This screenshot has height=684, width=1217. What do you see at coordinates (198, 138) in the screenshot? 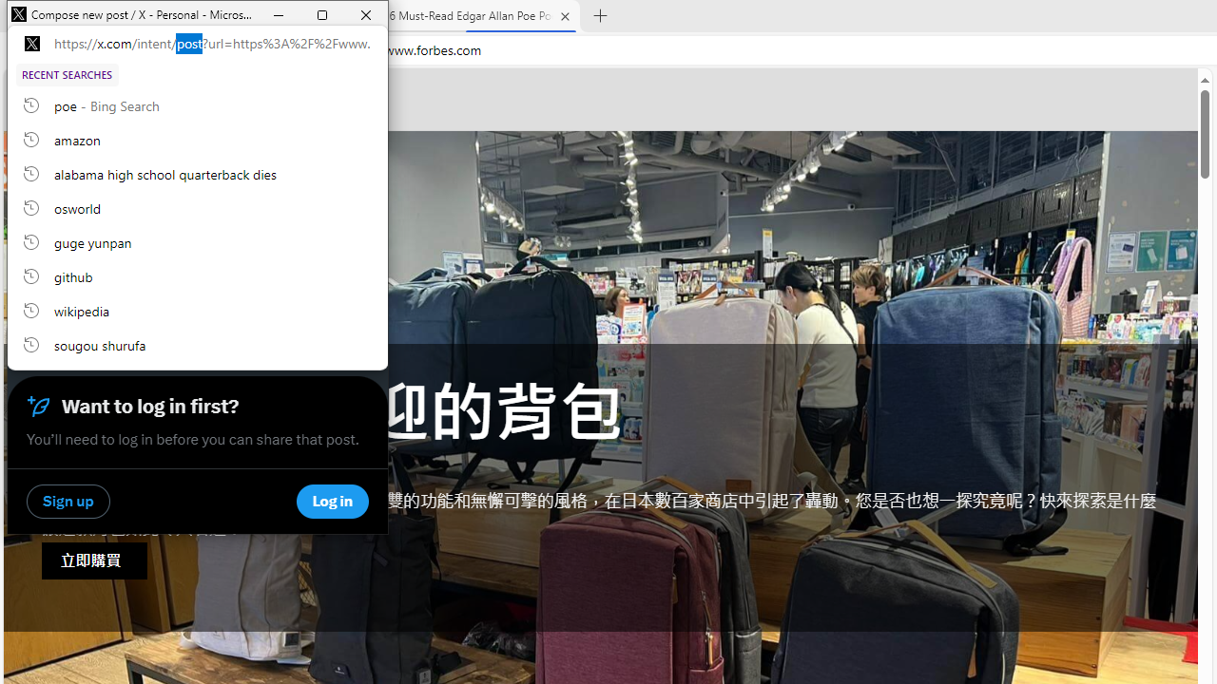
I see `'amazon, recent searches from history'` at bounding box center [198, 138].